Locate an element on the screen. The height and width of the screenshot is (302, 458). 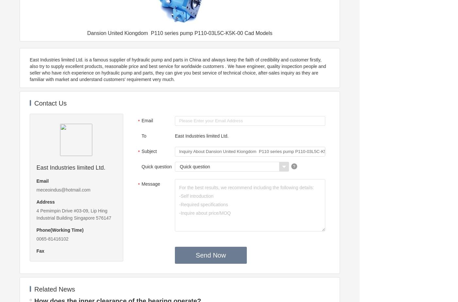
'East Industries limited Ltd. is a famous supplier of hydraulic pump and parts in China and always keep the faith of credibility and customer firstly, also try to supply excellent products, reasonable price and best service for worldwide customers . We have engineer, quality inspection people and seller who have rich experience on hydraulic pump and parts, they can give you best service of technical choice, after-sales inquiry as they are familiar with market and understand customers' requirement very much.' is located at coordinates (178, 69).